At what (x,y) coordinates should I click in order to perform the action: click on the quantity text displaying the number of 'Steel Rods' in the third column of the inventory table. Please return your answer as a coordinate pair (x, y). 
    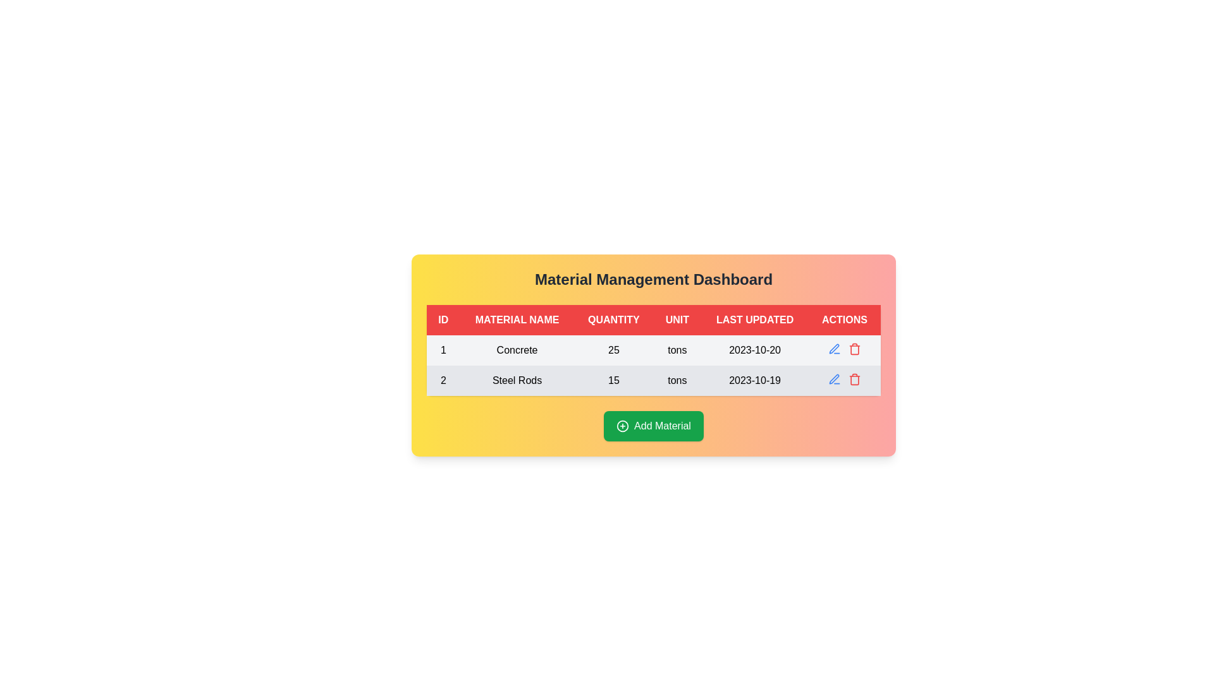
    Looking at the image, I should click on (613, 380).